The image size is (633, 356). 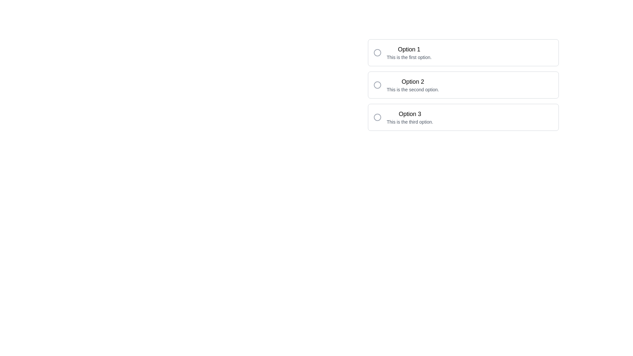 What do you see at coordinates (409, 52) in the screenshot?
I see `the text label displaying 'Option 1' and 'This is the first option.' which is the first item in a vertical stack, positioned in a light box with a border` at bounding box center [409, 52].